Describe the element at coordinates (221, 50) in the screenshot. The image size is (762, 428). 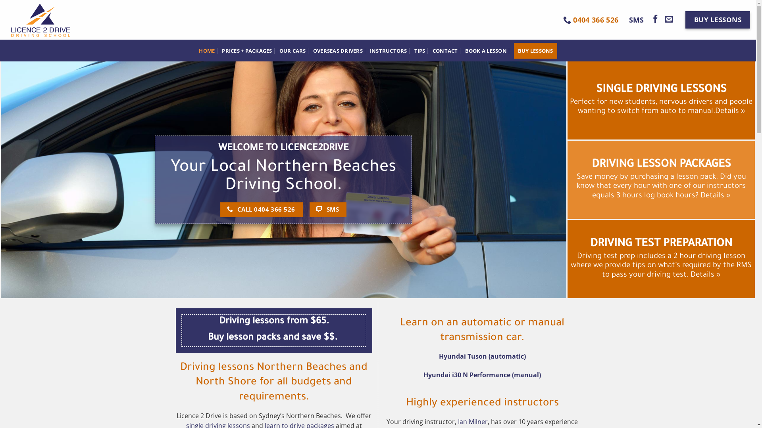
I see `'PRICES + PACKAGES'` at that location.